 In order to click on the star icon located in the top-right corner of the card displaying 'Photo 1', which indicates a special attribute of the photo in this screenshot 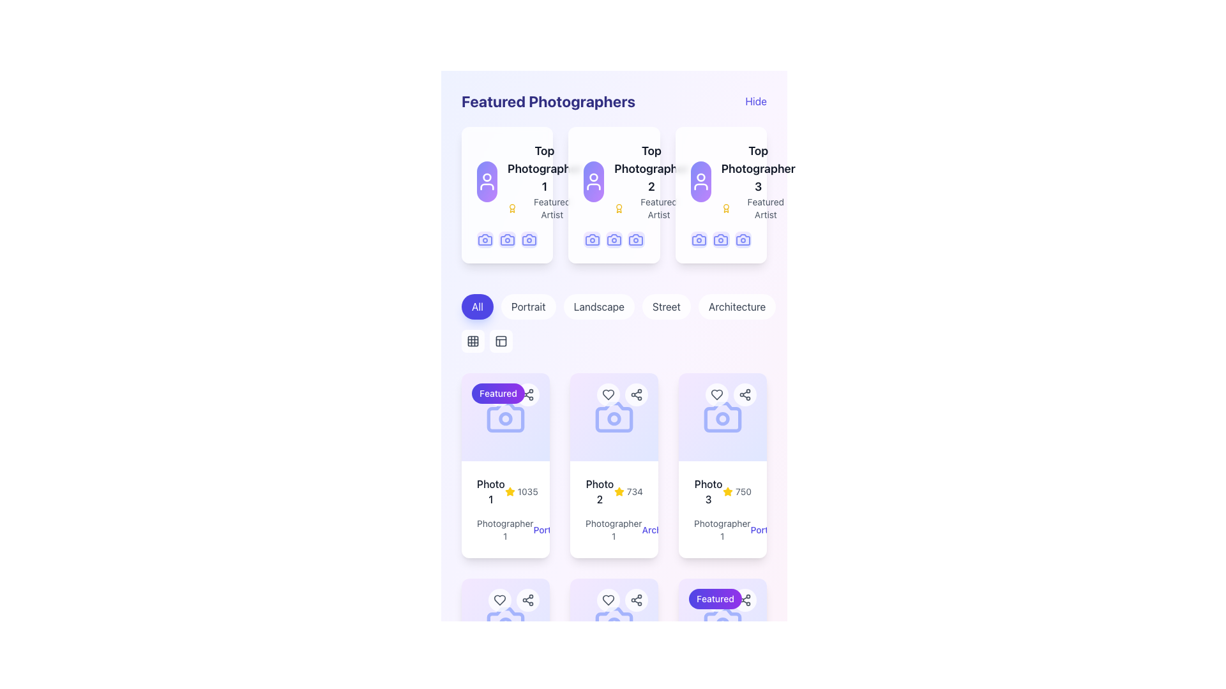, I will do `click(509, 491)`.